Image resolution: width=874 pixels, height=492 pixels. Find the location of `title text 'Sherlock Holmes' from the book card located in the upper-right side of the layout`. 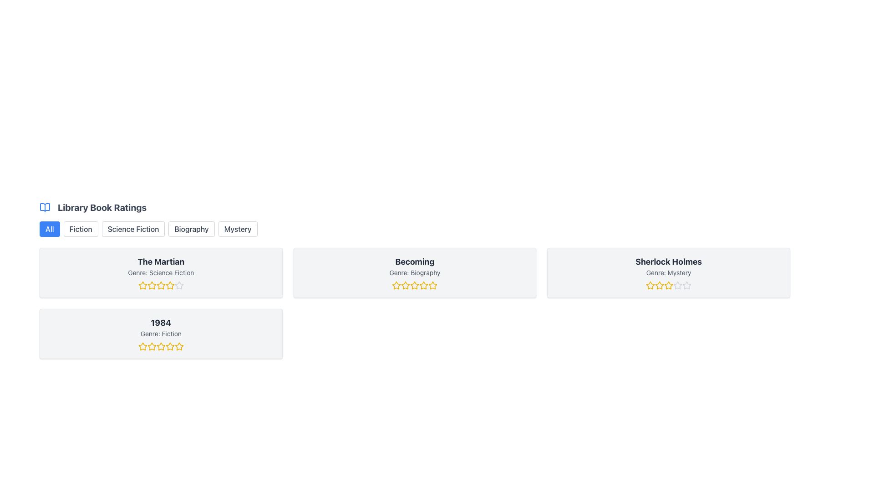

title text 'Sherlock Holmes' from the book card located in the upper-right side of the layout is located at coordinates (669, 261).